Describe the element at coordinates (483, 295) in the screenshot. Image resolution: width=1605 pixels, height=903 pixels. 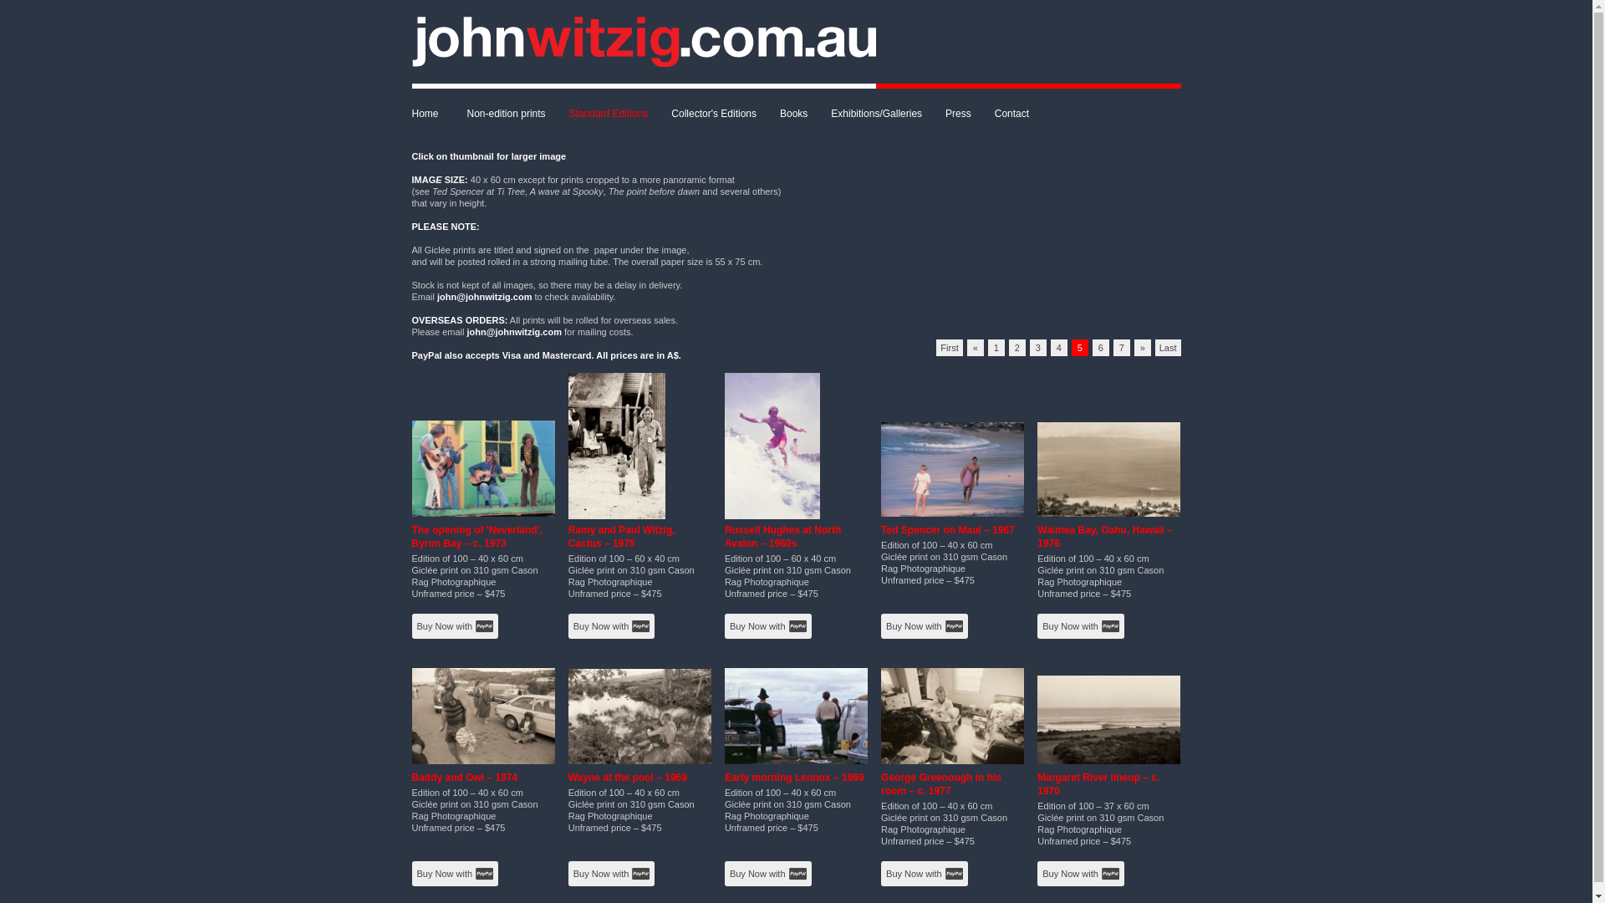
I see `'john@johnwitzig.com'` at that location.